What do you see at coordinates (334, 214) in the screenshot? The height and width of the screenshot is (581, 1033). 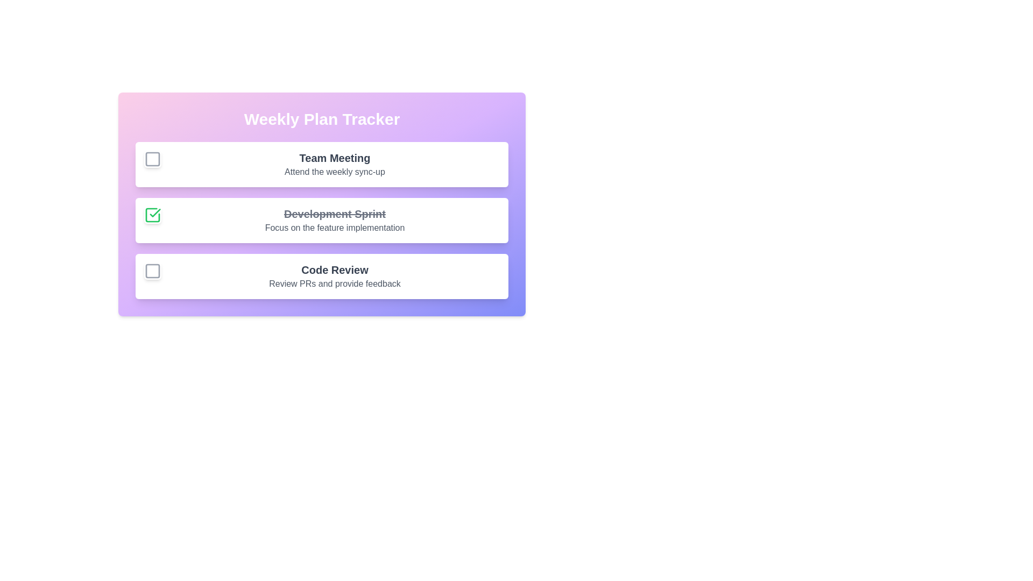 I see `the plan titled Development Sprint to read its description` at bounding box center [334, 214].